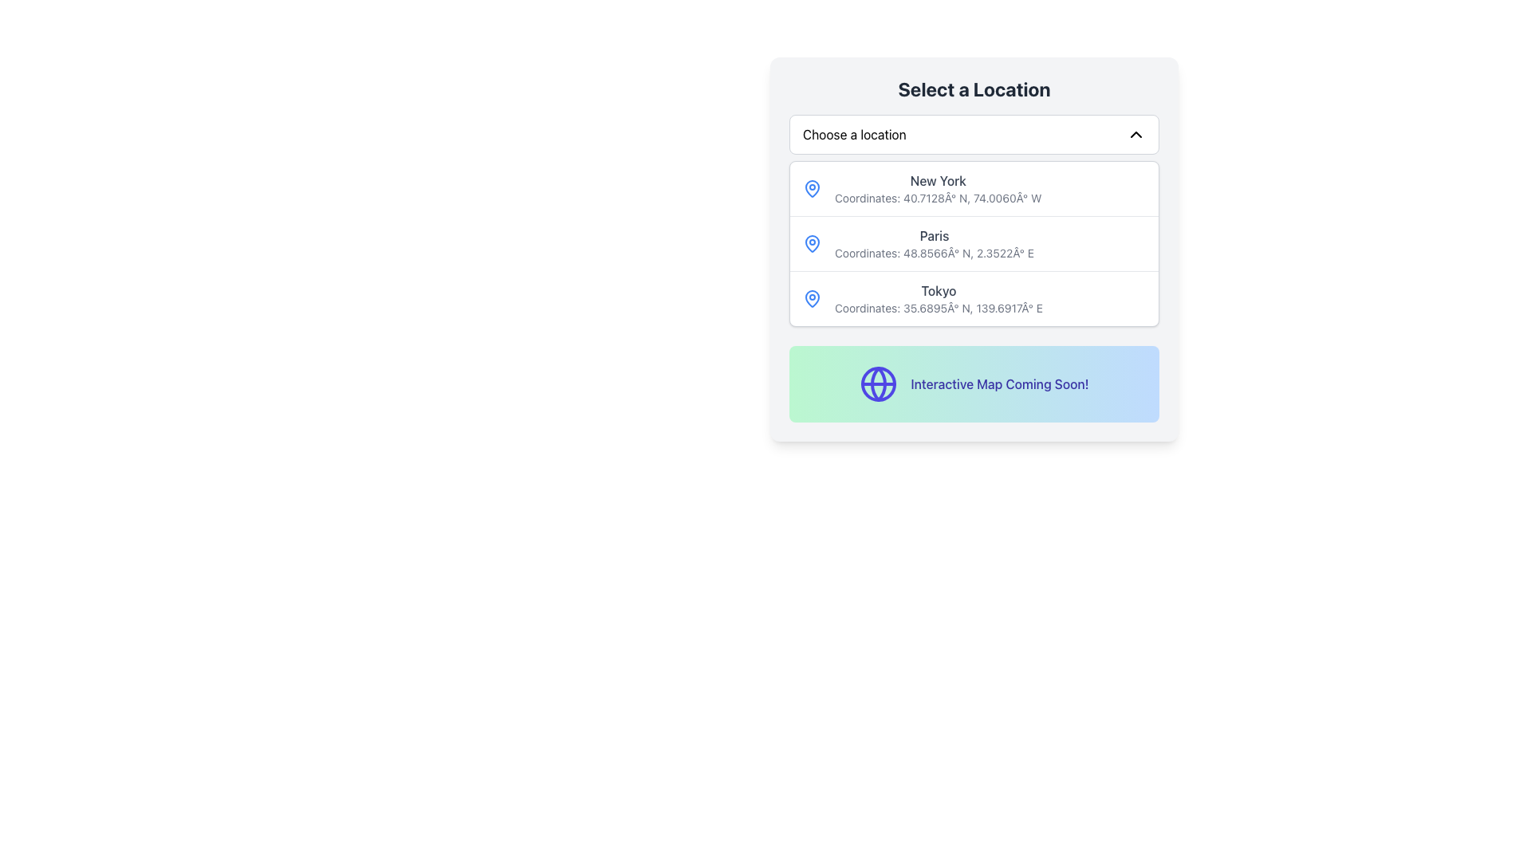  What do you see at coordinates (974, 243) in the screenshot?
I see `the second option in the 'Select a Location' dropdown, which displays 'Paris' and a blue location marker icon` at bounding box center [974, 243].